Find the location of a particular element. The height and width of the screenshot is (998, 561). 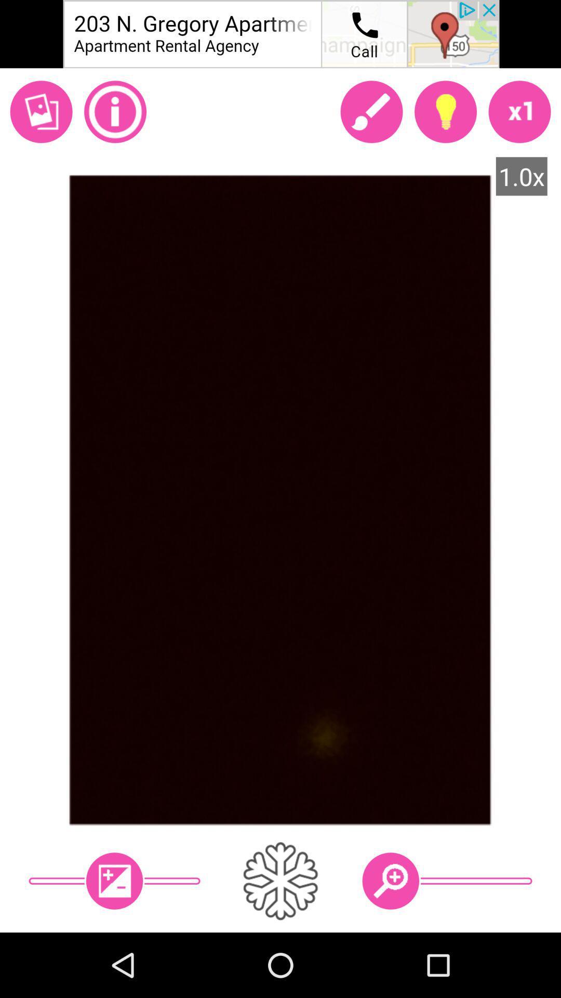

open gallery images is located at coordinates (41, 112).